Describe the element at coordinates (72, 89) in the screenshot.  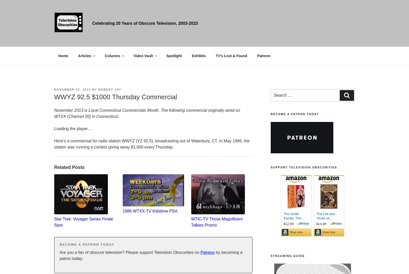
I see `'November 22, 2013'` at that location.